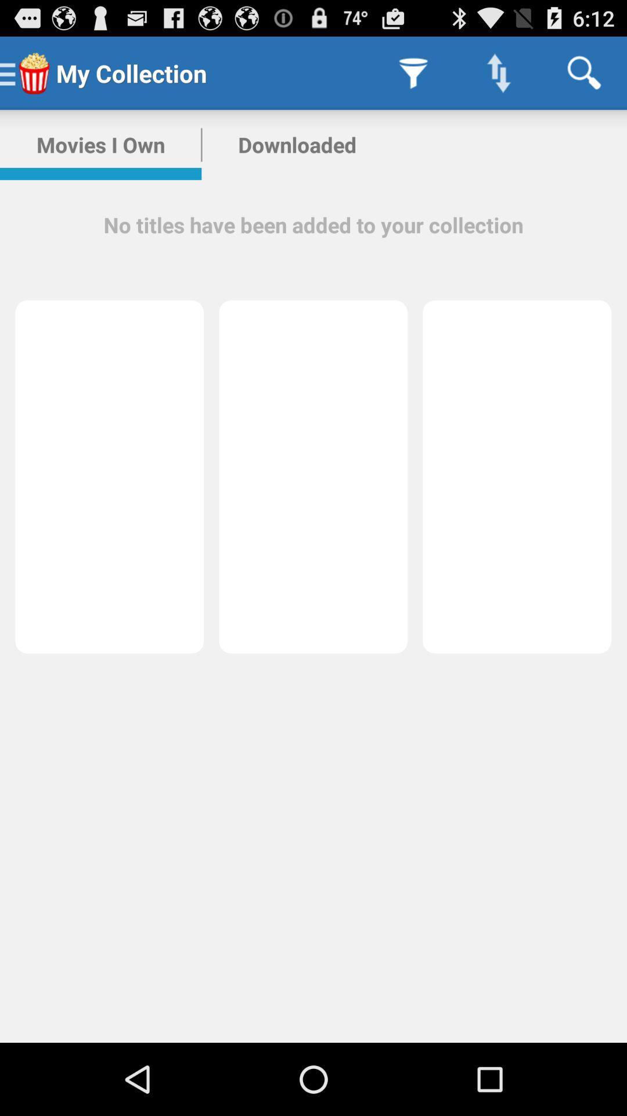  I want to click on the app to the right of movies i own, so click(297, 144).